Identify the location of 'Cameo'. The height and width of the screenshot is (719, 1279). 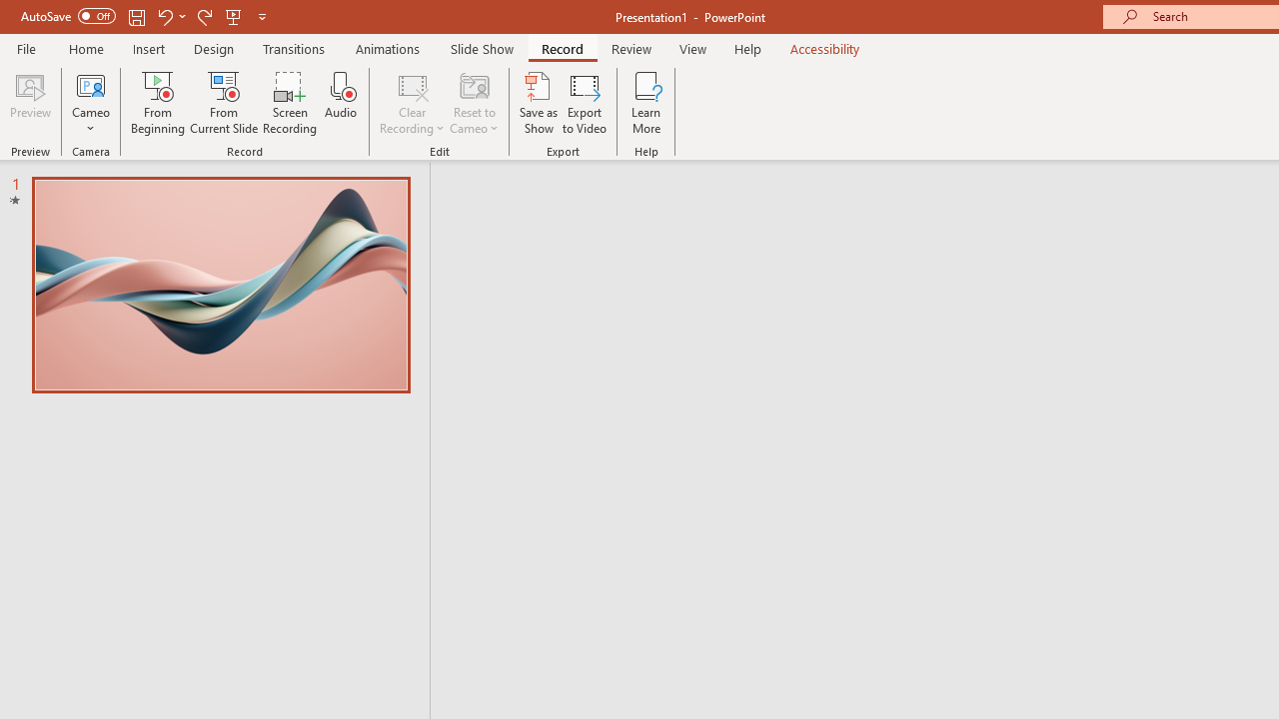
(90, 84).